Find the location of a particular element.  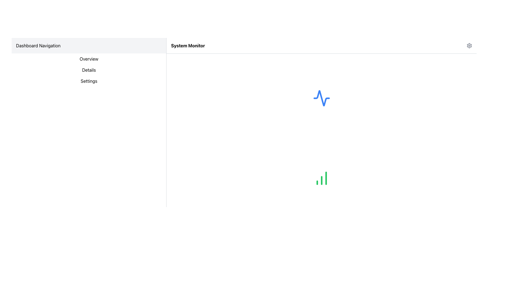

the 'Details' label in the Dashboard Navigation sidebar is located at coordinates (89, 70).